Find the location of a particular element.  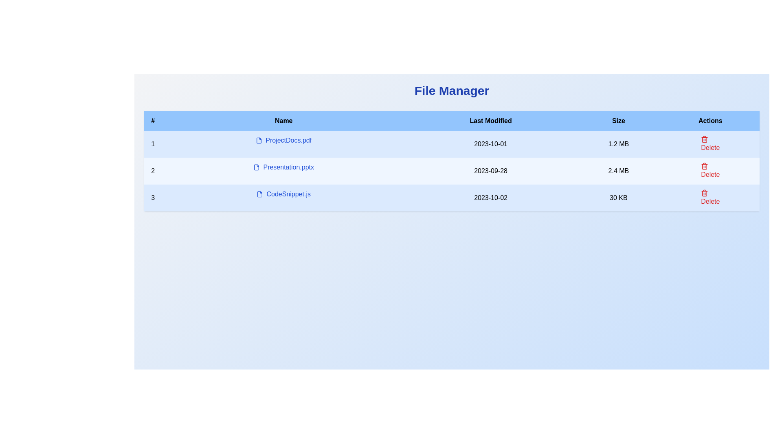

on the row displaying the file information for 'CodeSnippet.js' in the file manager interface is located at coordinates (451, 198).